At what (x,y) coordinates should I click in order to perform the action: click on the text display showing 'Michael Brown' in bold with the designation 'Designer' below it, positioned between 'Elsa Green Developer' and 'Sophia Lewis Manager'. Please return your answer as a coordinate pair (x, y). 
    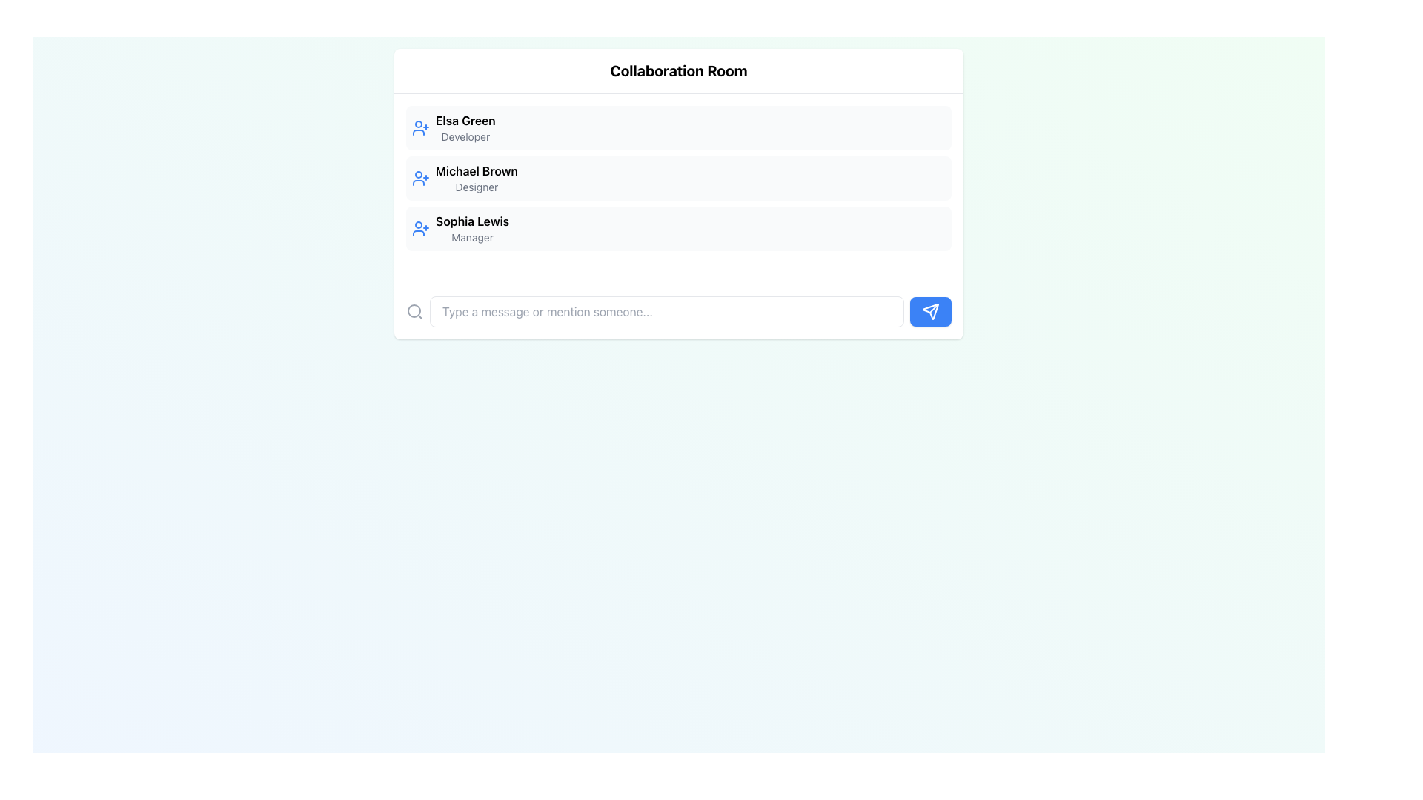
    Looking at the image, I should click on (477, 177).